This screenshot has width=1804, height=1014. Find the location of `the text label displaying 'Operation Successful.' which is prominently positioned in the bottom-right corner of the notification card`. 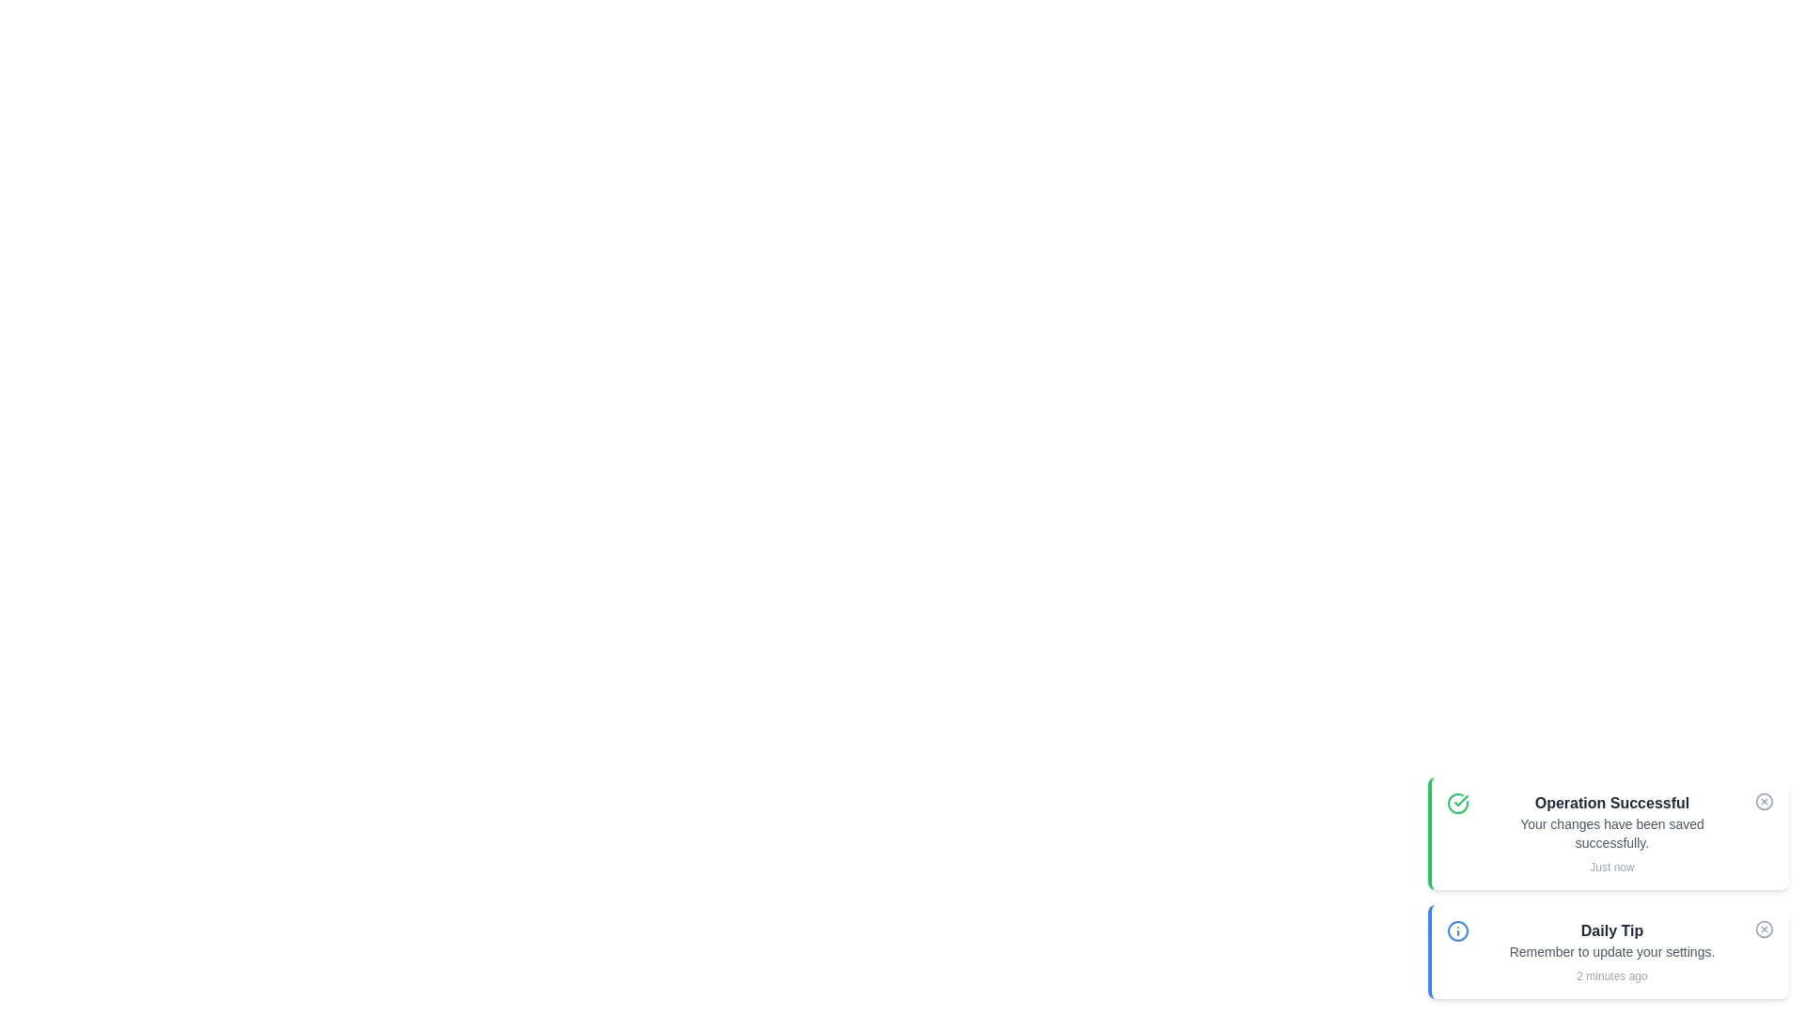

the text label displaying 'Operation Successful.' which is prominently positioned in the bottom-right corner of the notification card is located at coordinates (1611, 803).